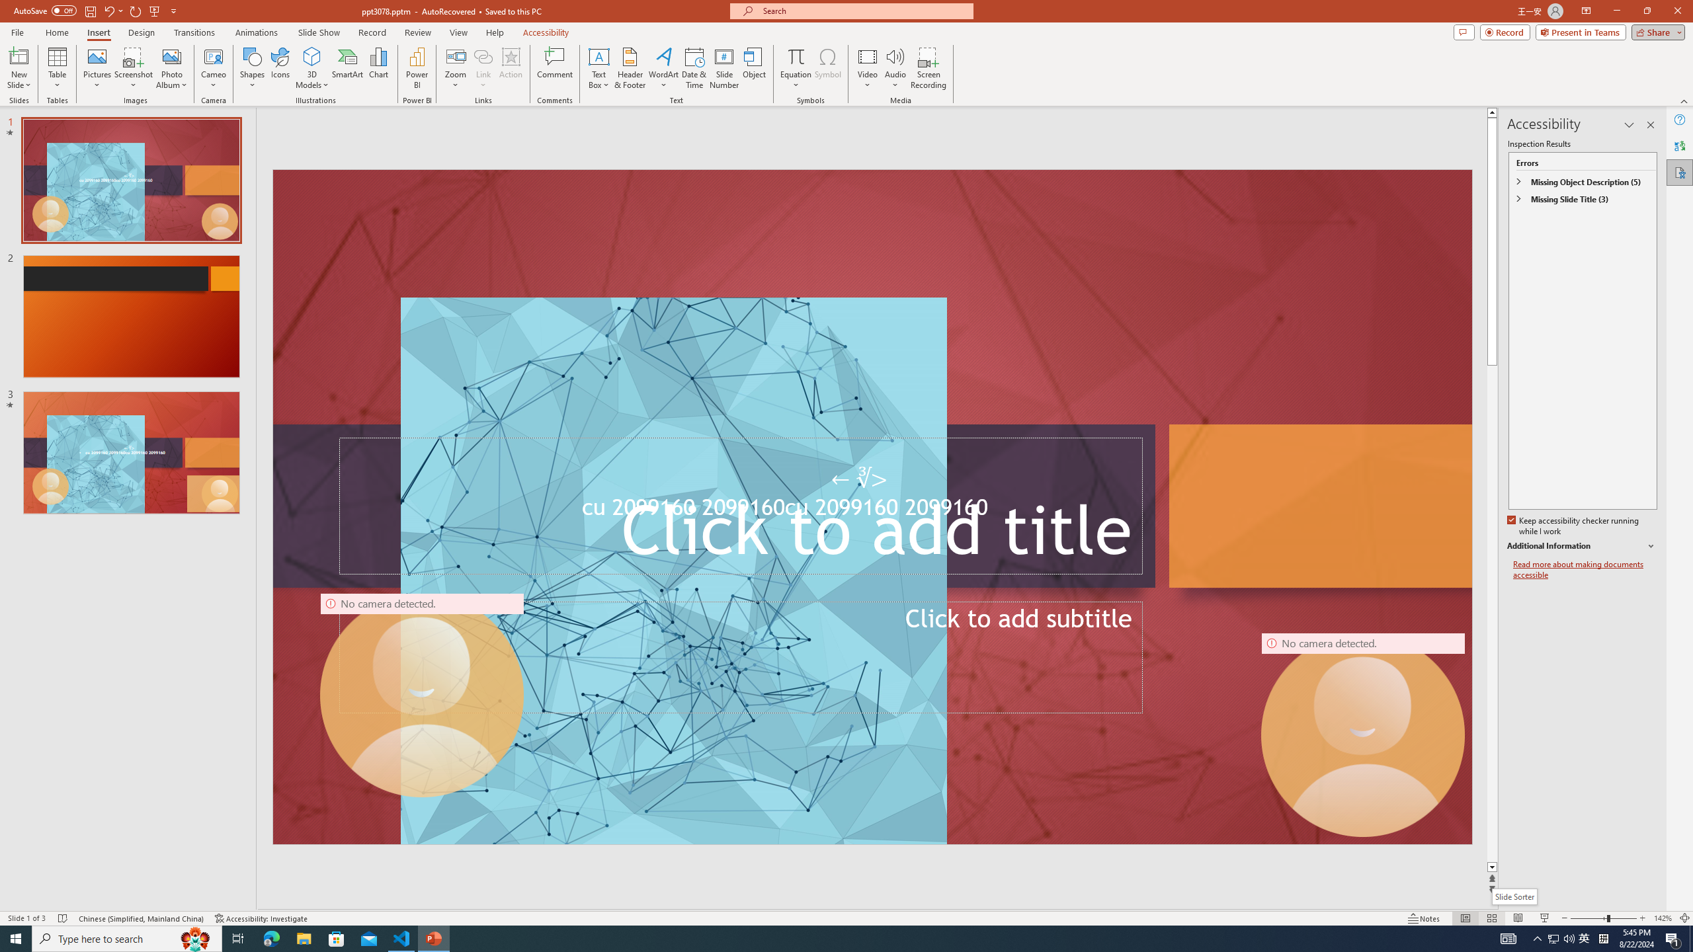  What do you see at coordinates (142, 32) in the screenshot?
I see `'Design'` at bounding box center [142, 32].